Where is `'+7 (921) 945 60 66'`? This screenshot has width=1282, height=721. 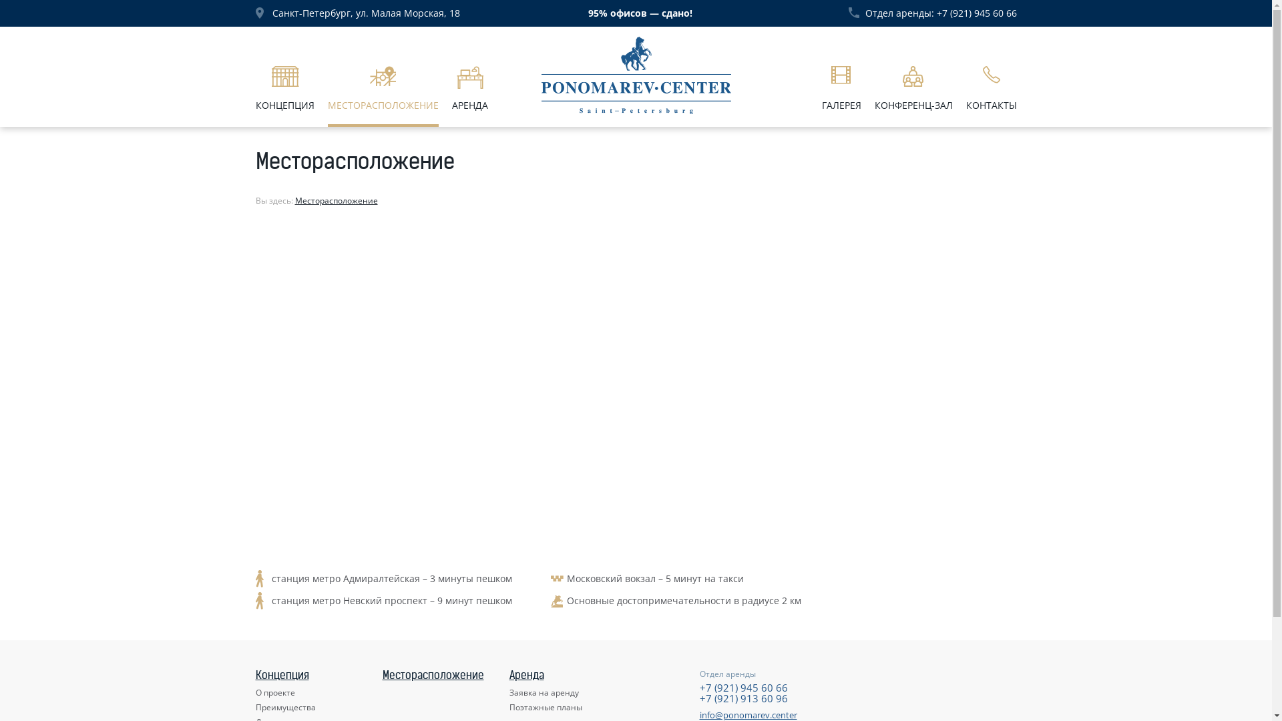
'+7 (921) 945 60 66' is located at coordinates (698, 687).